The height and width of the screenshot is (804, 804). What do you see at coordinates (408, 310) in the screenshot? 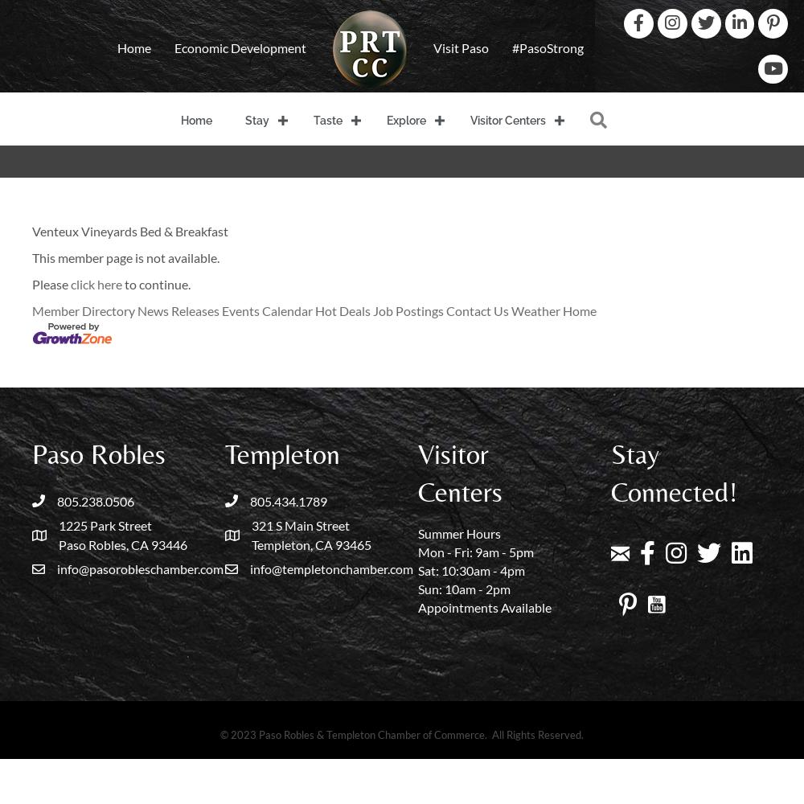
I see `'Job Postings'` at bounding box center [408, 310].